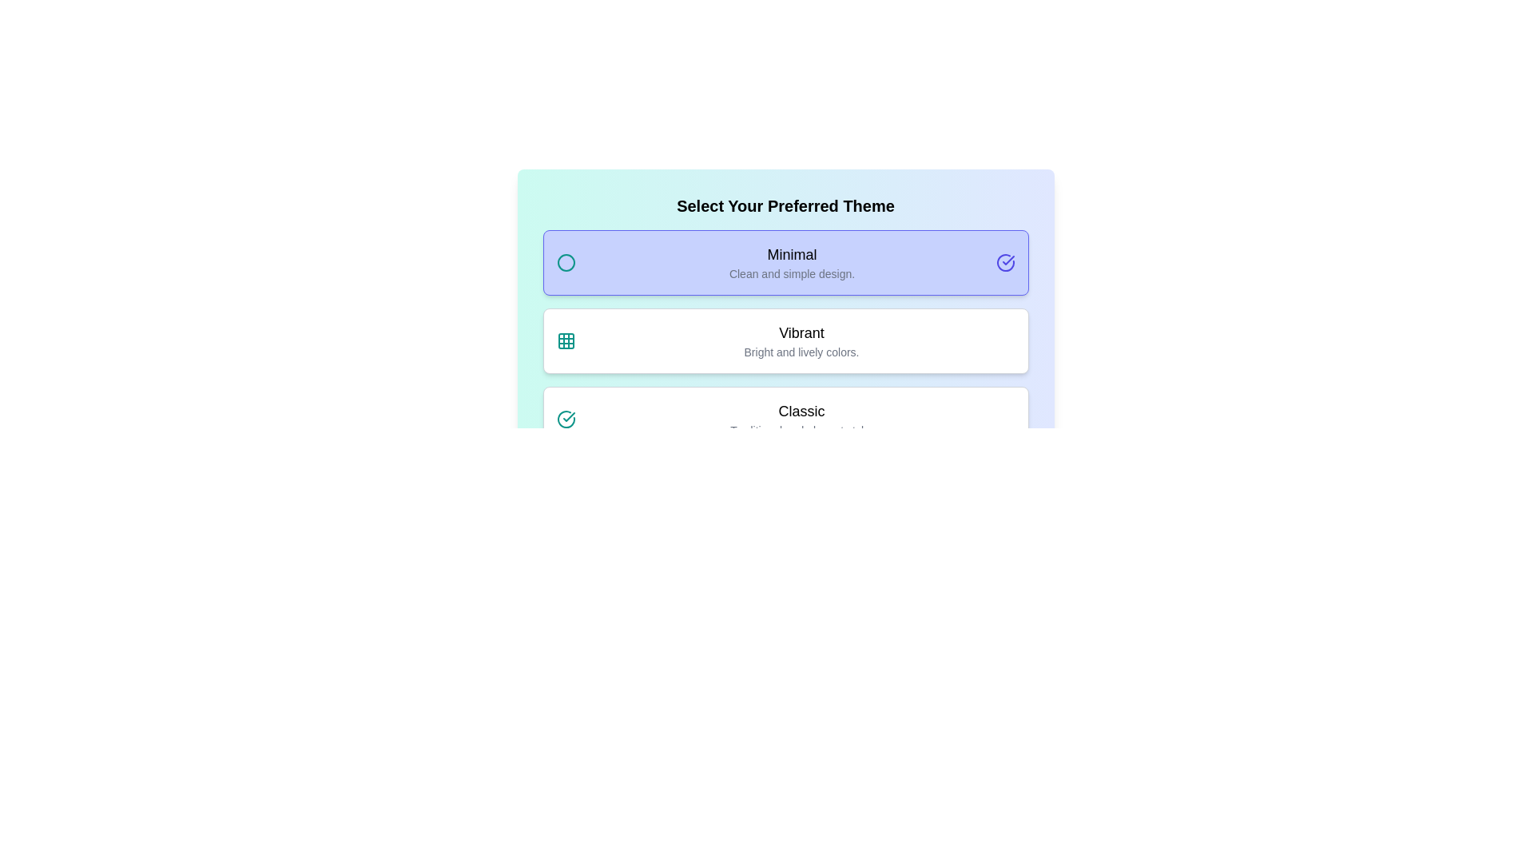 The width and height of the screenshot is (1534, 863). What do you see at coordinates (785, 340) in the screenshot?
I see `the 'Vibrant' theme selection button` at bounding box center [785, 340].